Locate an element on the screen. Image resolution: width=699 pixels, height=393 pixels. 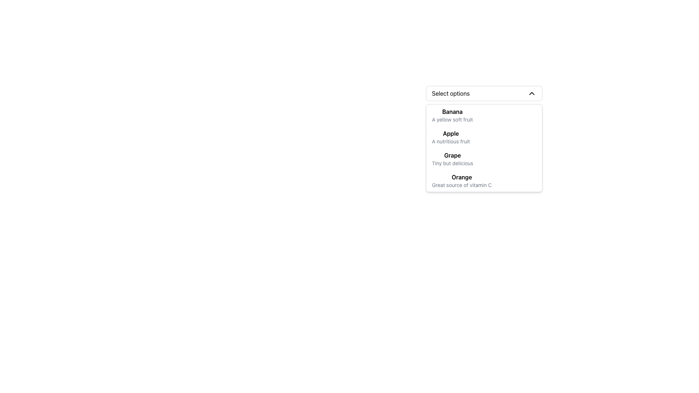
the informational list entry for 'Orange' which is the last item in the dropdown menu is located at coordinates (484, 180).